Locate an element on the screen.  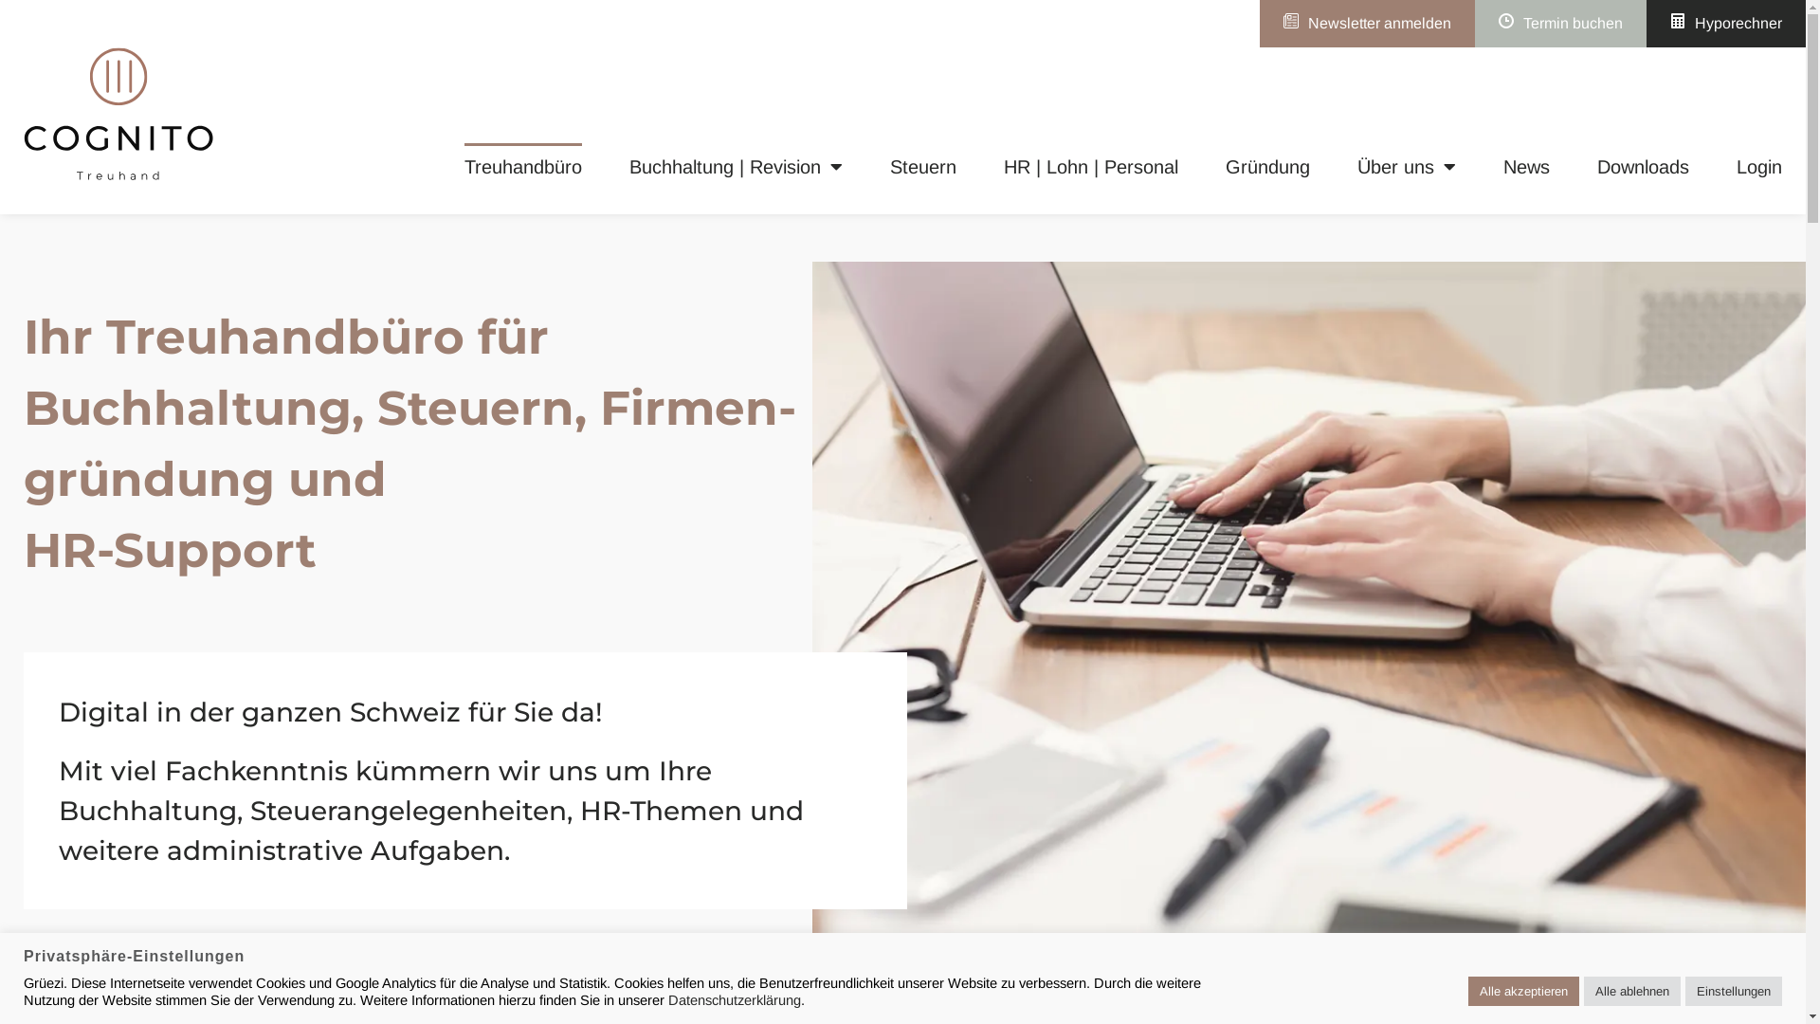
'Newsletter anmelden' is located at coordinates (1367, 23).